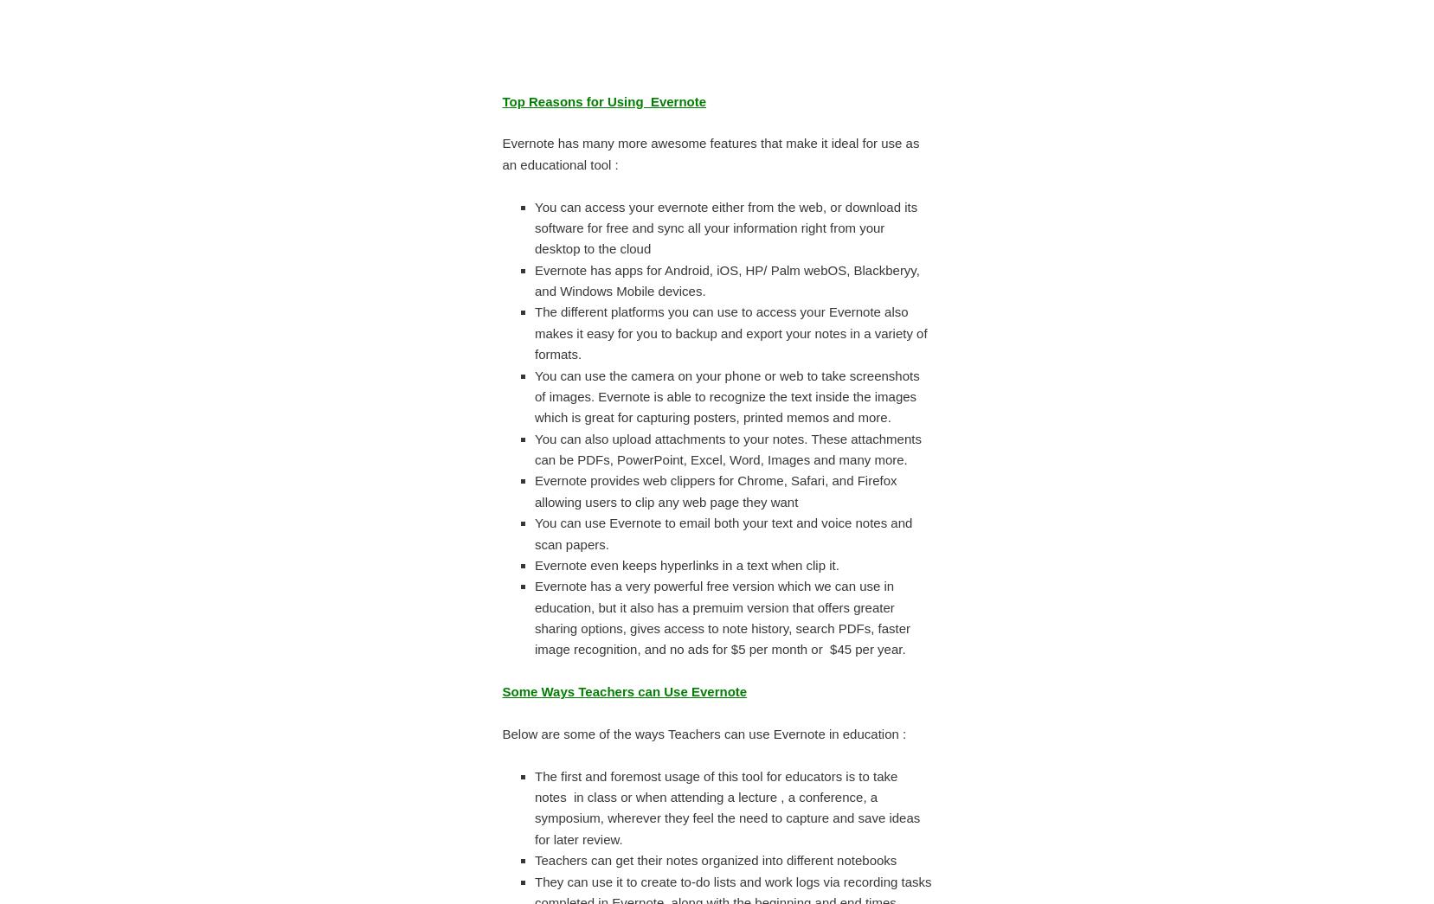  Describe the element at coordinates (685, 564) in the screenshot. I see `'Evernote even keeps hyperlinks in a text when clip it.'` at that location.